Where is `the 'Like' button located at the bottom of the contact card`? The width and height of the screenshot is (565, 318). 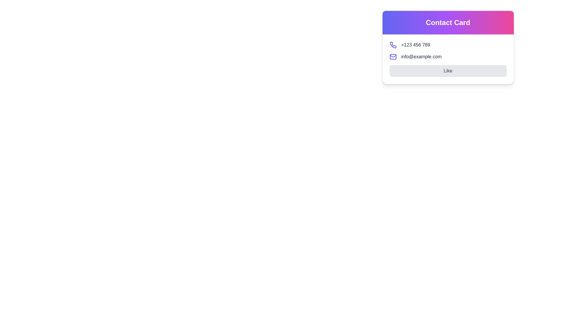
the 'Like' button located at the bottom of the contact card is located at coordinates (448, 70).